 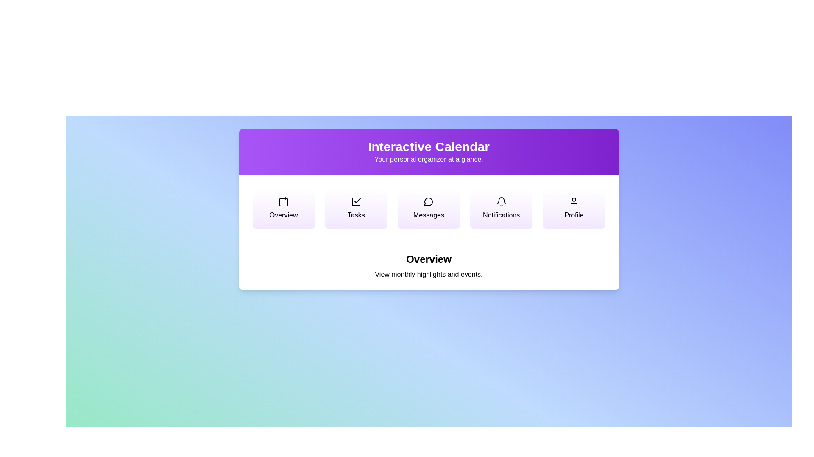 What do you see at coordinates (501, 209) in the screenshot?
I see `the menu option Notifications to view its description` at bounding box center [501, 209].